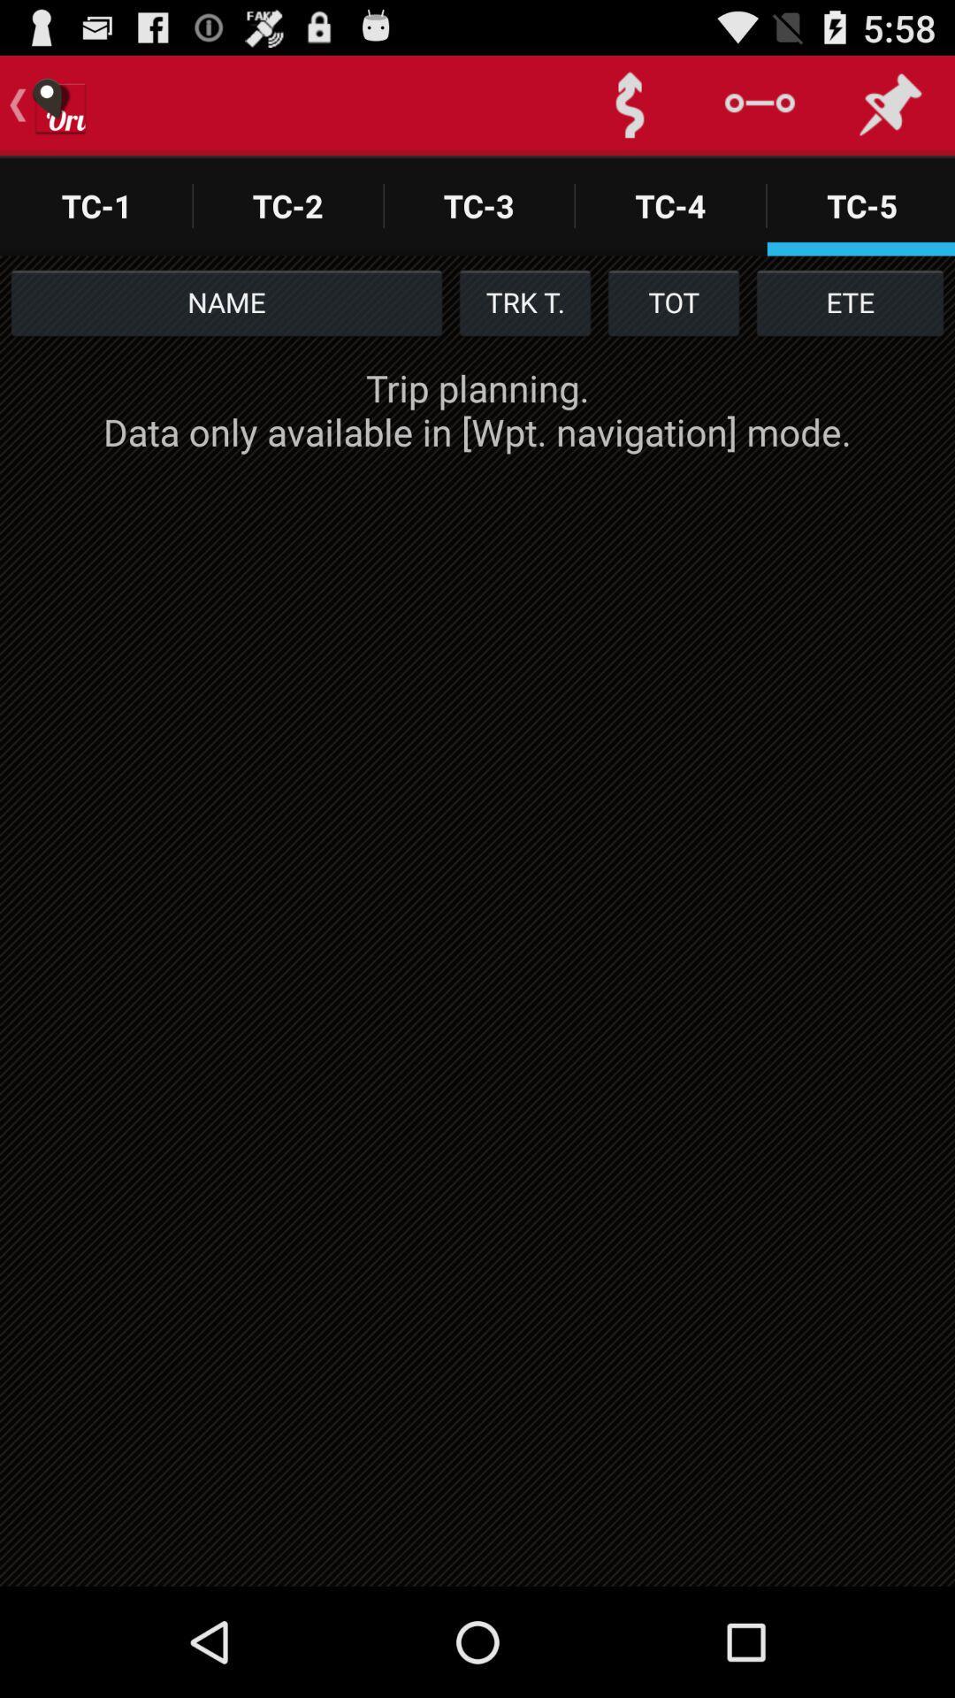 Image resolution: width=955 pixels, height=1698 pixels. What do you see at coordinates (849, 302) in the screenshot?
I see `item above the trip planning data icon` at bounding box center [849, 302].